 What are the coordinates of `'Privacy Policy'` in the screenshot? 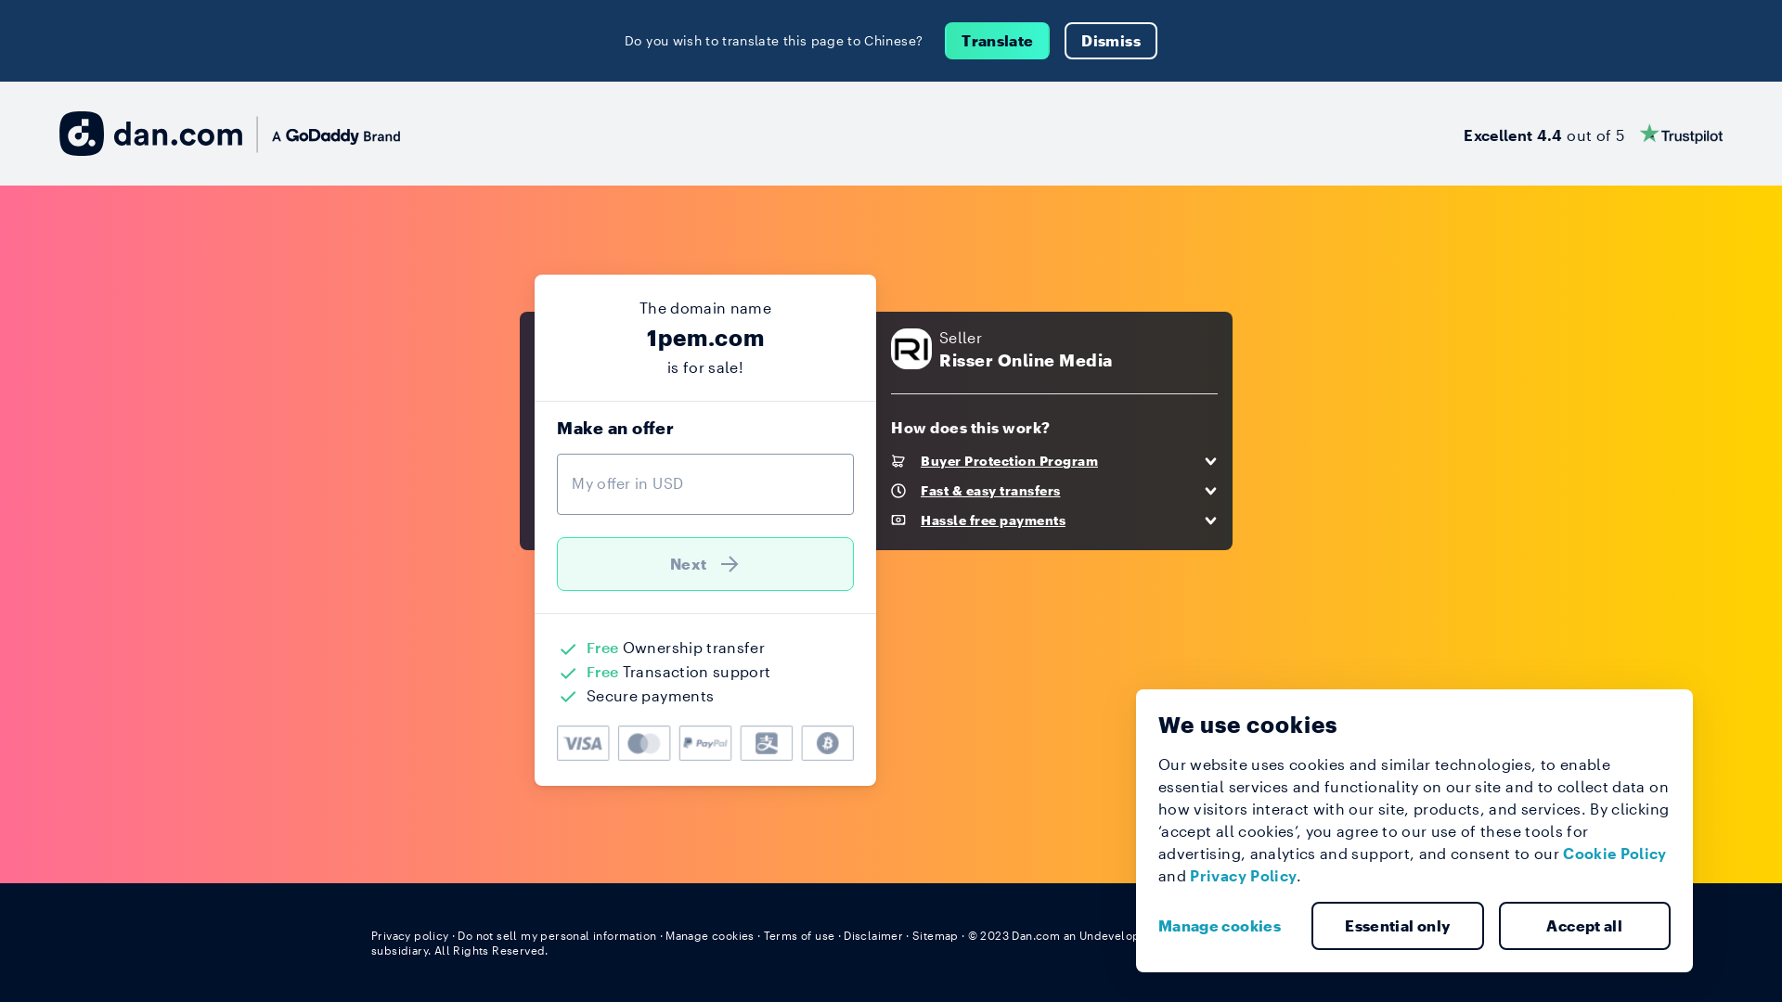 It's located at (1243, 875).